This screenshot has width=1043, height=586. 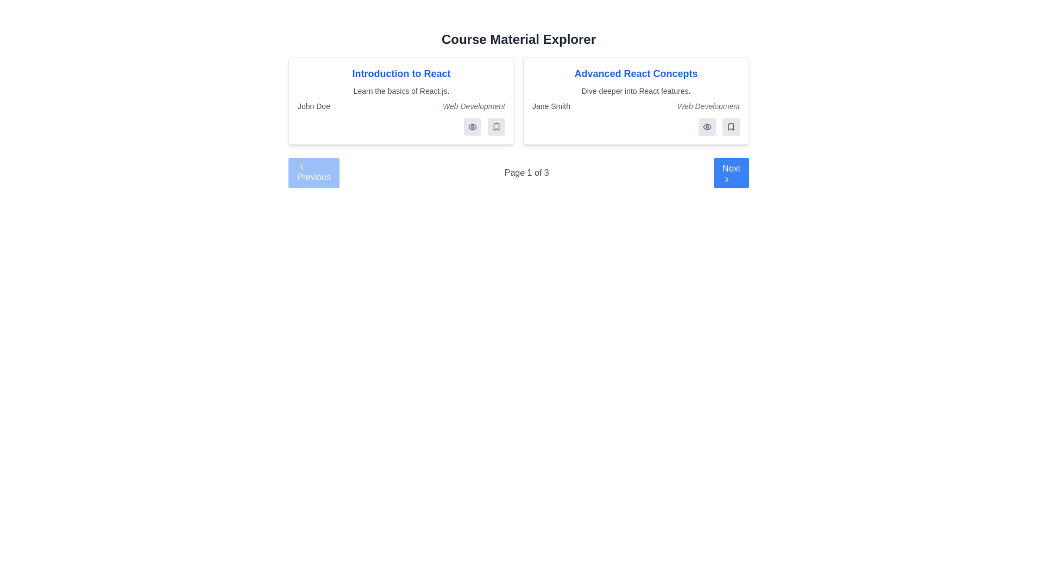 I want to click on the eye-shaped icon located within the 'Advanced React Concepts' course card, positioned, so click(x=707, y=126).